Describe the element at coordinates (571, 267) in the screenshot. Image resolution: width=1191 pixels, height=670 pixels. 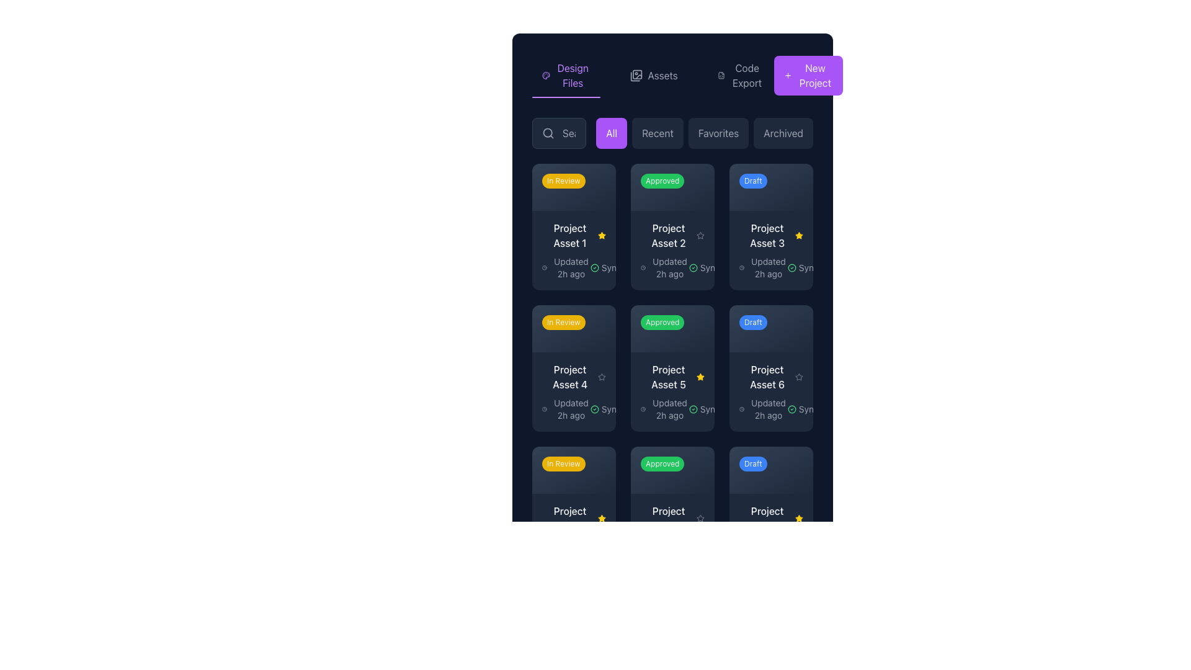
I see `information displayed in the text label that shows 'Updated' on the first line and '2h ago' on the second line, located beneath the first project card in the first column of a grid layout` at that location.